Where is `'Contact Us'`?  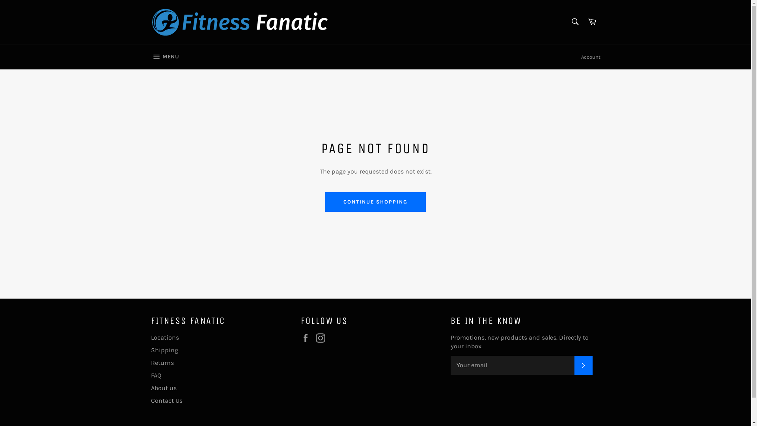
'Contact Us' is located at coordinates (166, 400).